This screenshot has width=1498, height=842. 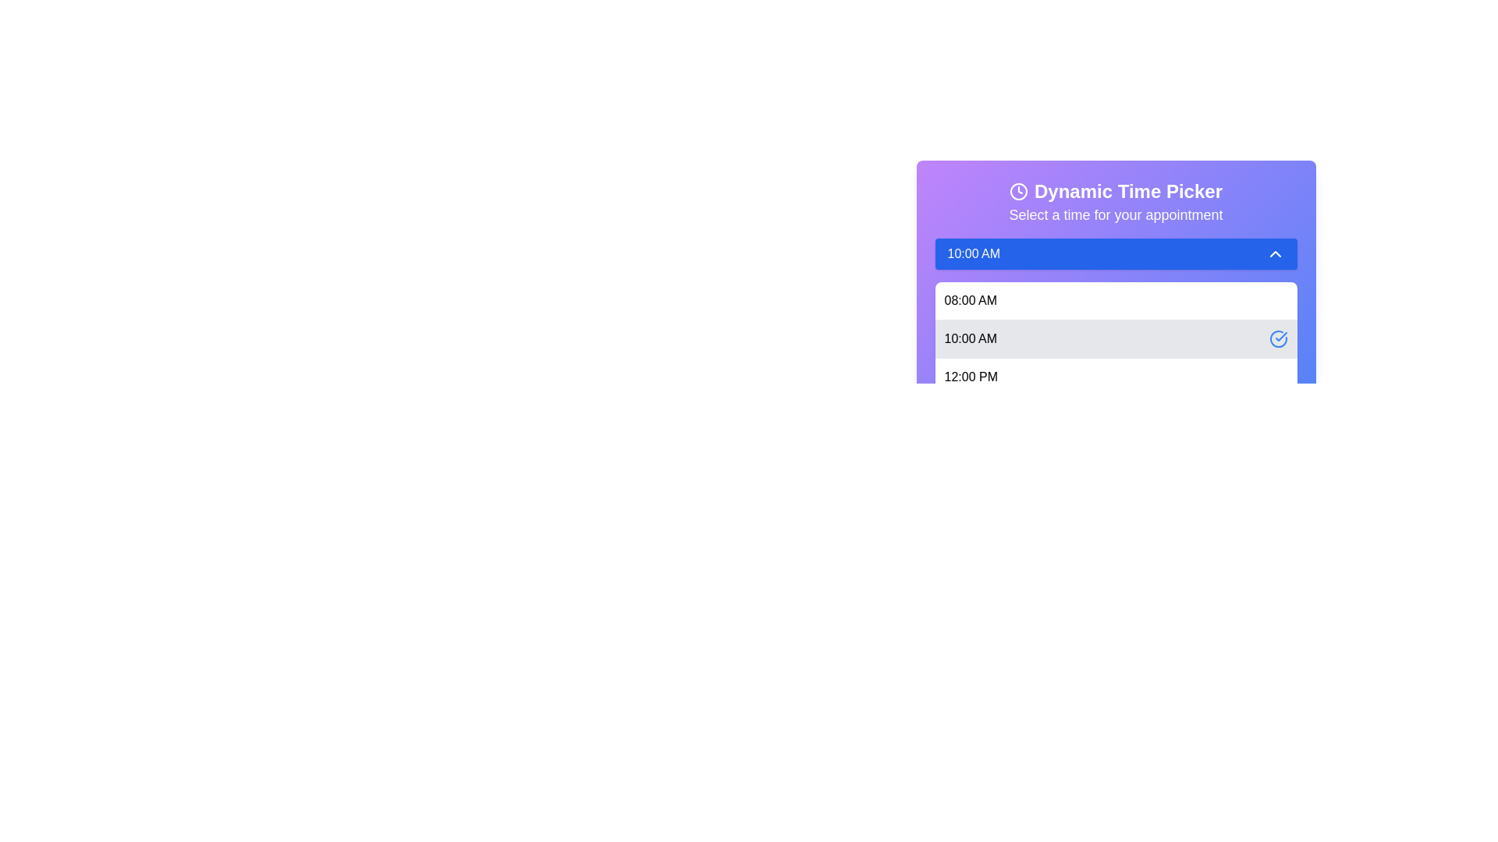 What do you see at coordinates (970, 377) in the screenshot?
I see `to select the time option displaying '12:00 PM' in the time picker dropdown list` at bounding box center [970, 377].